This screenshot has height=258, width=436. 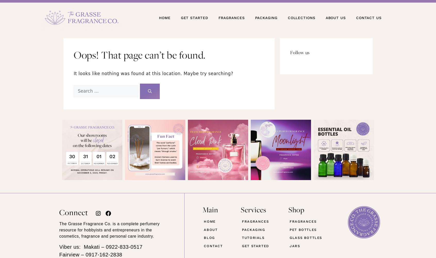 What do you see at coordinates (209, 238) in the screenshot?
I see `'BLOG'` at bounding box center [209, 238].